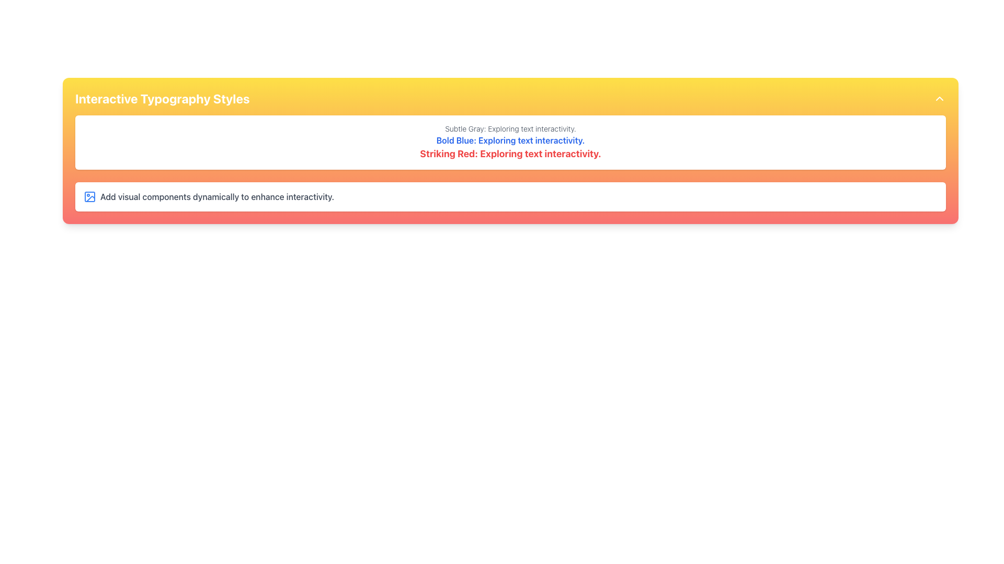 The height and width of the screenshot is (564, 1004). I want to click on the instructional text element located inside a highlighted panel below the 'Interactive Typography Styles' header, positioned to the right of an image icon, so click(216, 197).